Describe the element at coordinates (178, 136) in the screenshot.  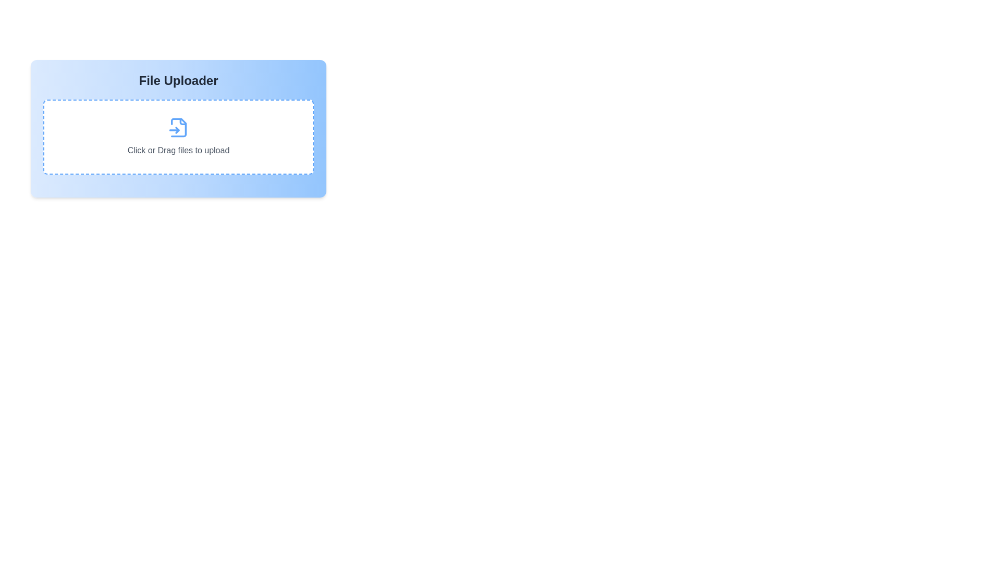
I see `and drop files into the area of the File Upload Box, which is a white rectangle with dashed blue borders and a blue file icon above the text 'Click or Drag files` at that location.